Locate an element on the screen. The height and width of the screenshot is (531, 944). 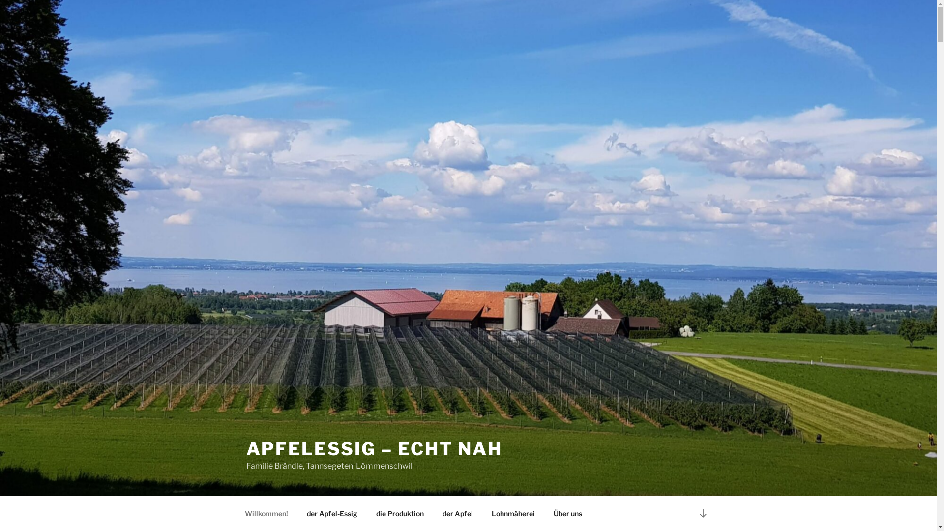
'Zum Inhalt nach unten scrollen' is located at coordinates (691, 512).